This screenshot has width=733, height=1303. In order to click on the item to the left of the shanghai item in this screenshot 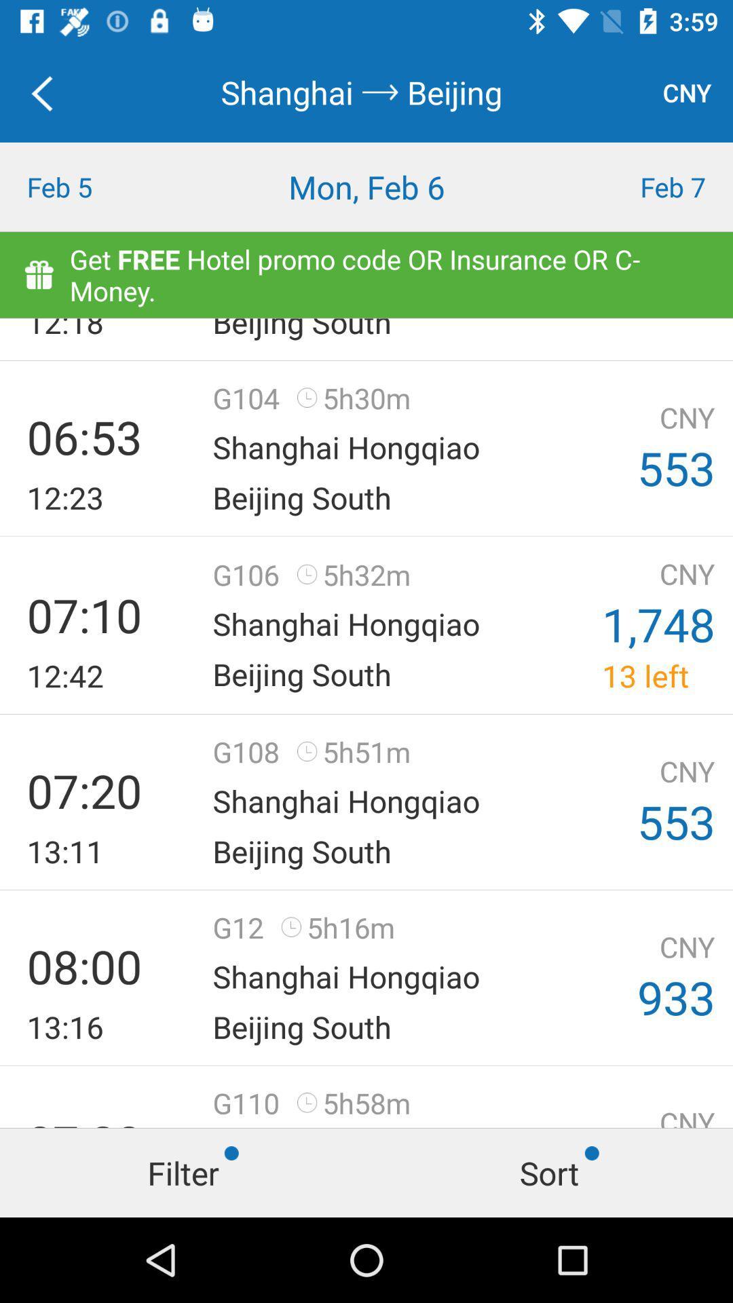, I will do `click(49, 92)`.